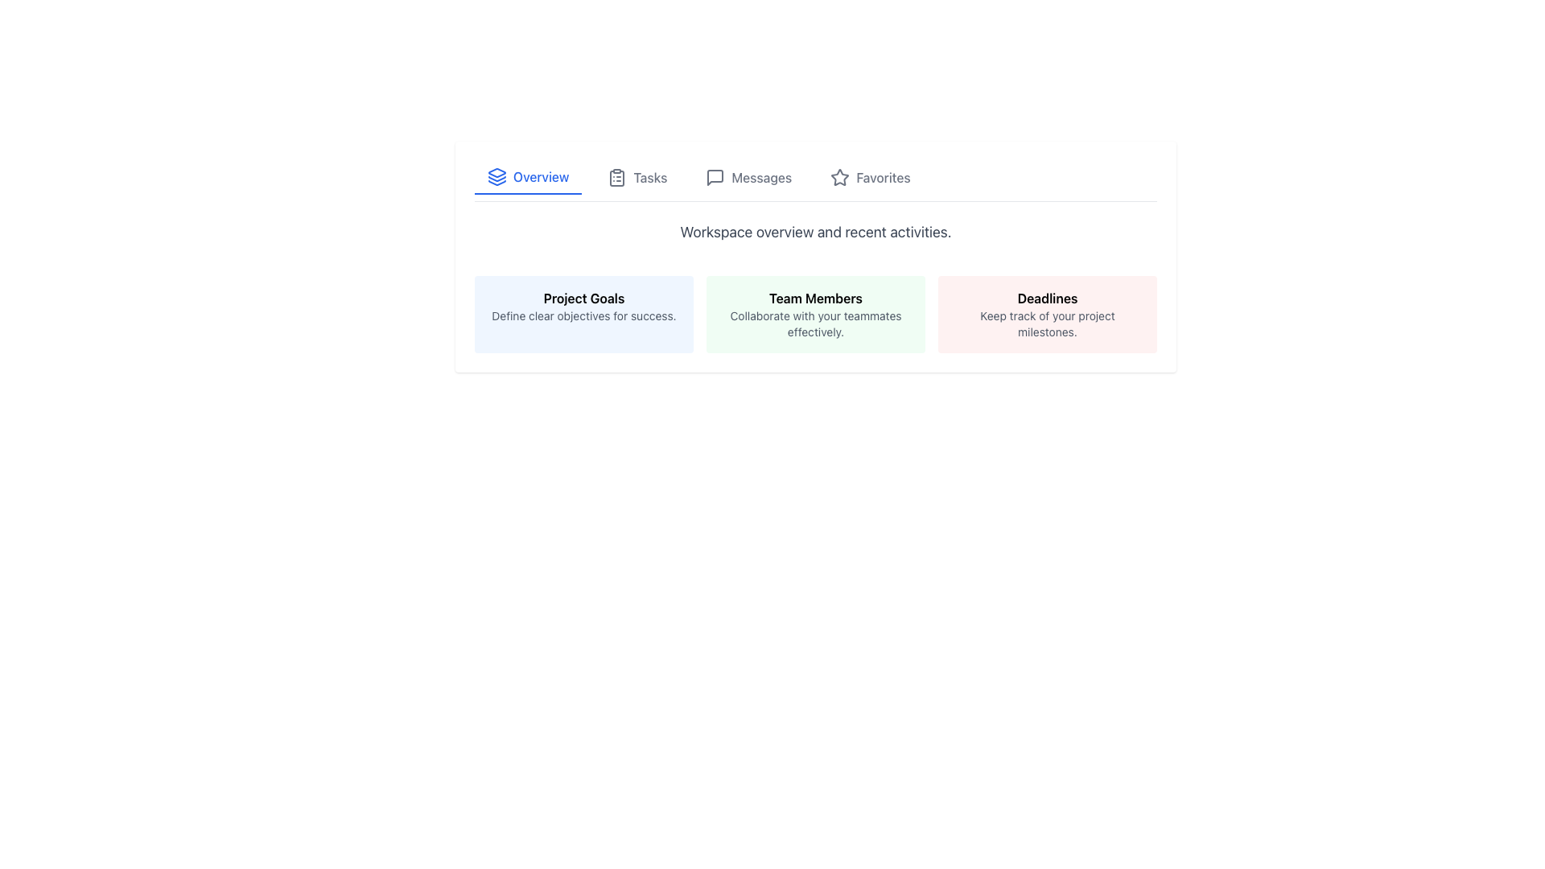 The height and width of the screenshot is (869, 1545). Describe the element at coordinates (815, 233) in the screenshot. I see `the centered text element displaying 'Workspace overview and recent activities.' which is located beneath the navigation bar and above the three-column grid layout` at that location.